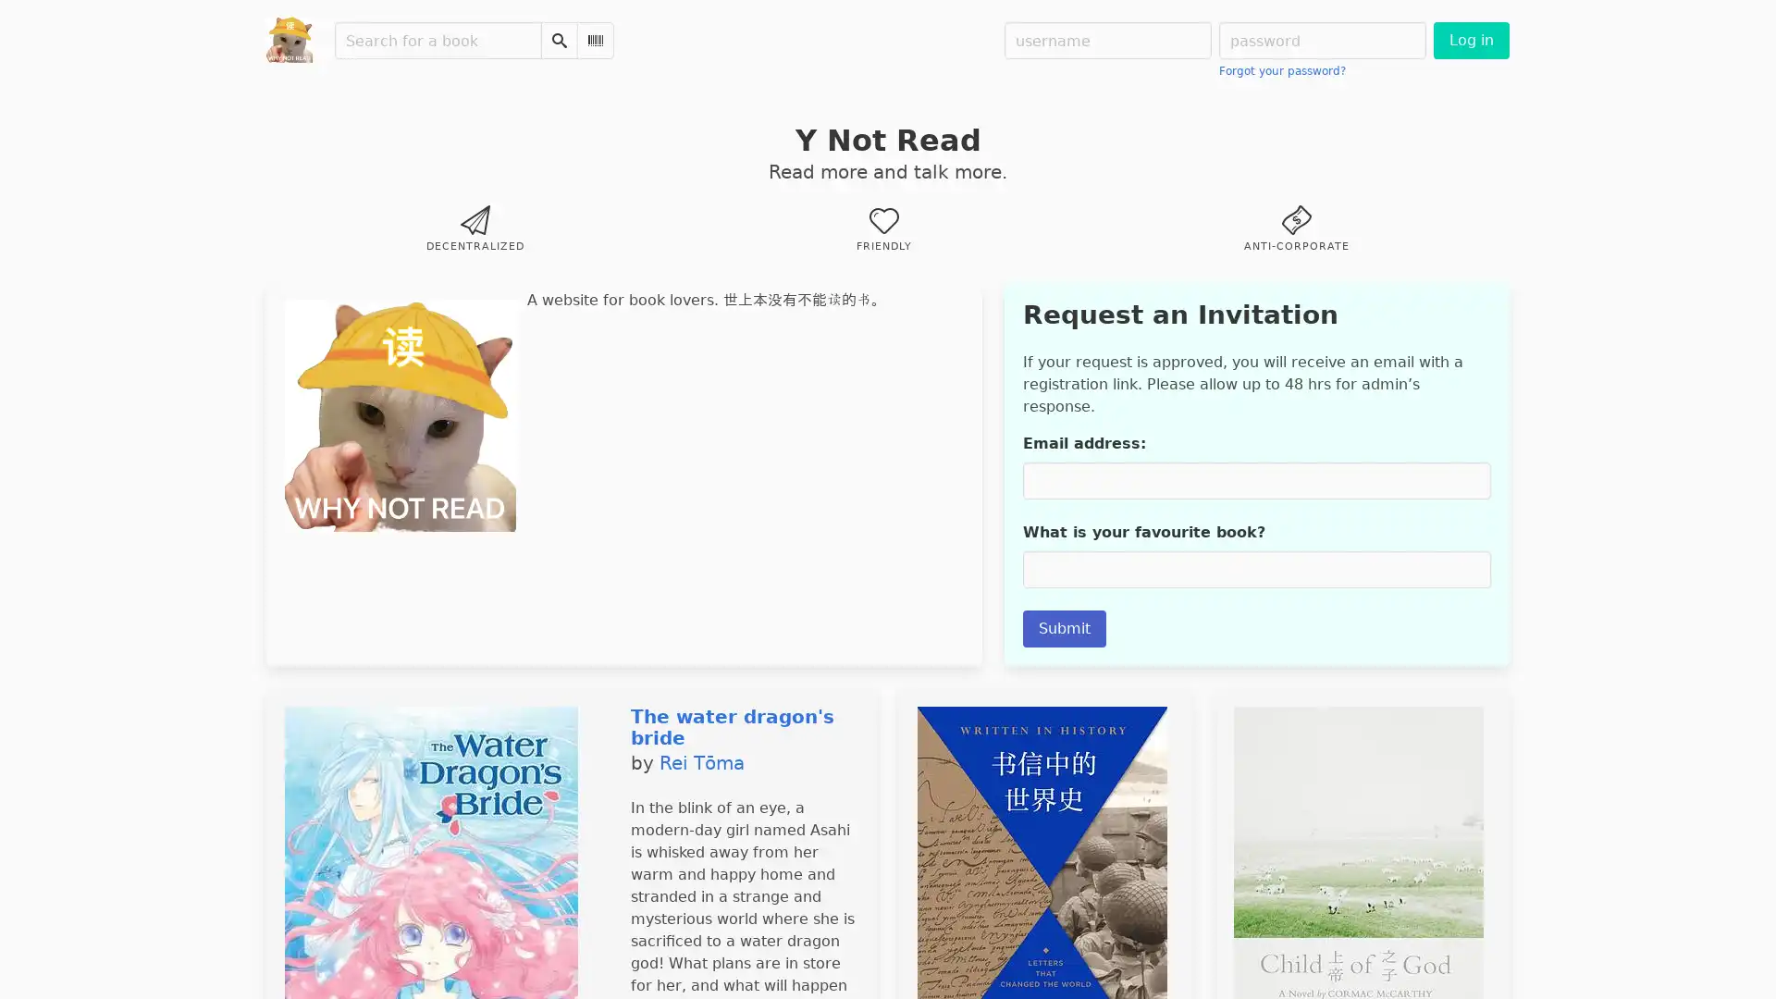 The image size is (1776, 999). I want to click on Search, so click(558, 40).